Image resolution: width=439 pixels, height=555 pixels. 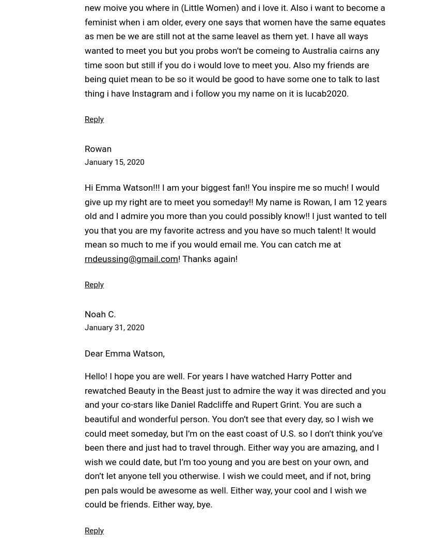 I want to click on 'Dear Emma Watson,', so click(x=124, y=352).